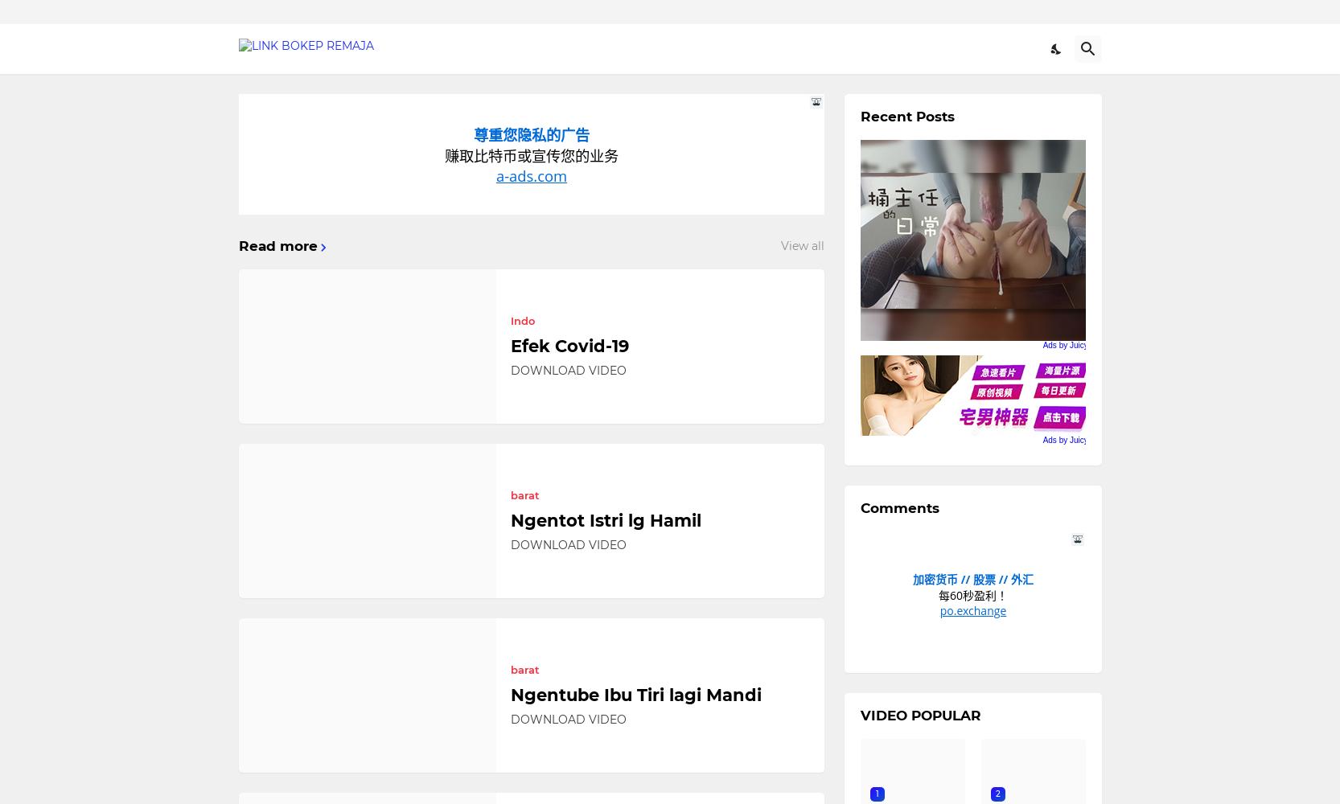 Image resolution: width=1340 pixels, height=804 pixels. I want to click on 'Recent Posts', so click(906, 117).